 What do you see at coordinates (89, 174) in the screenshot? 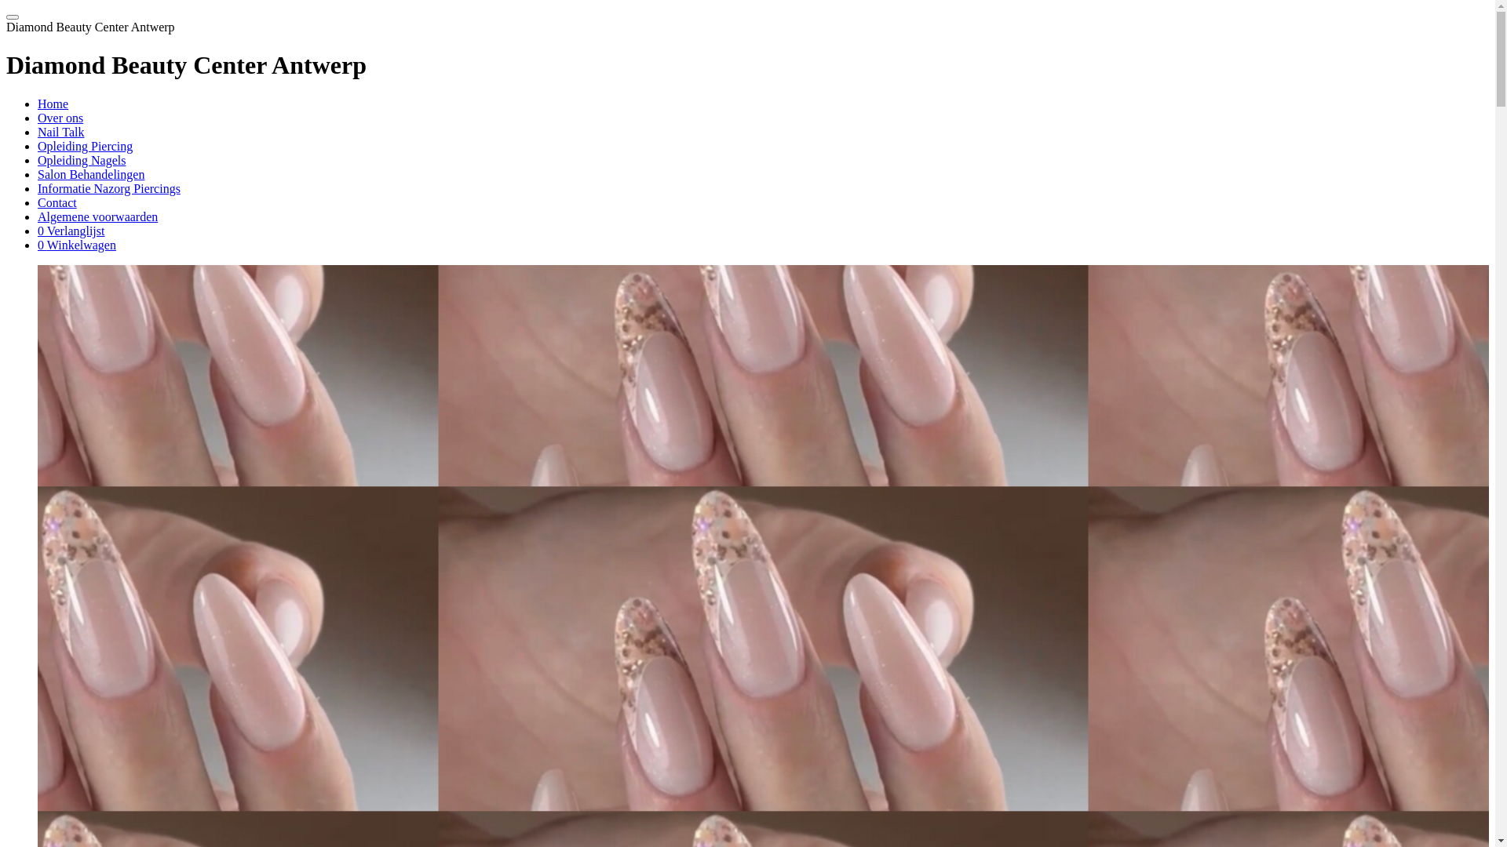
I see `'Salon Behandelingen'` at bounding box center [89, 174].